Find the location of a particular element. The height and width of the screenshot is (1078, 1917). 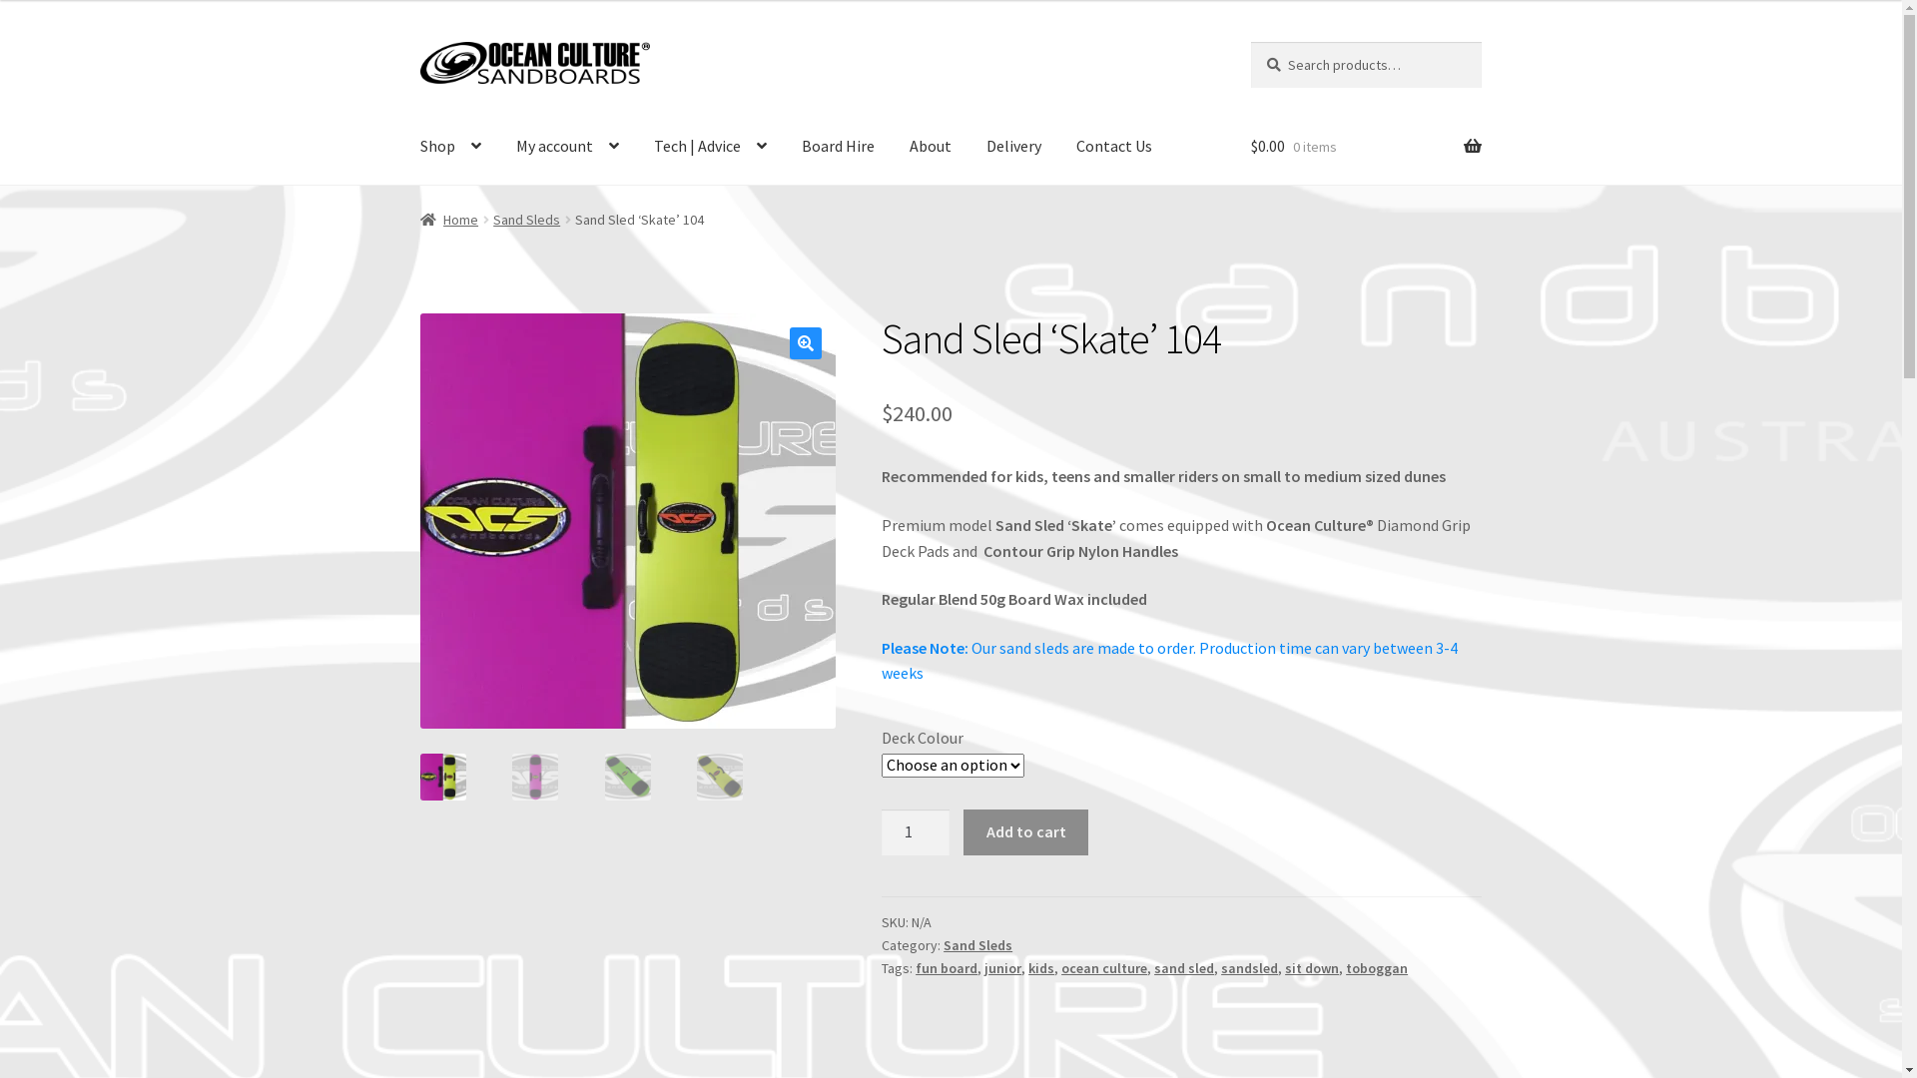

'Home' is located at coordinates (448, 219).